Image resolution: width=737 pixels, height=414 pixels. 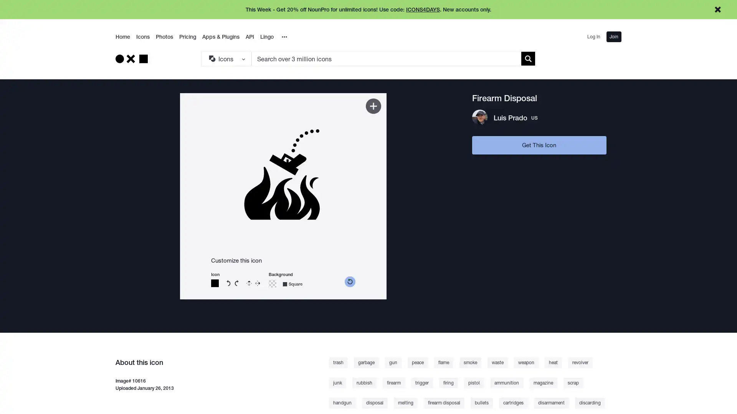 I want to click on Flip, so click(x=249, y=283).